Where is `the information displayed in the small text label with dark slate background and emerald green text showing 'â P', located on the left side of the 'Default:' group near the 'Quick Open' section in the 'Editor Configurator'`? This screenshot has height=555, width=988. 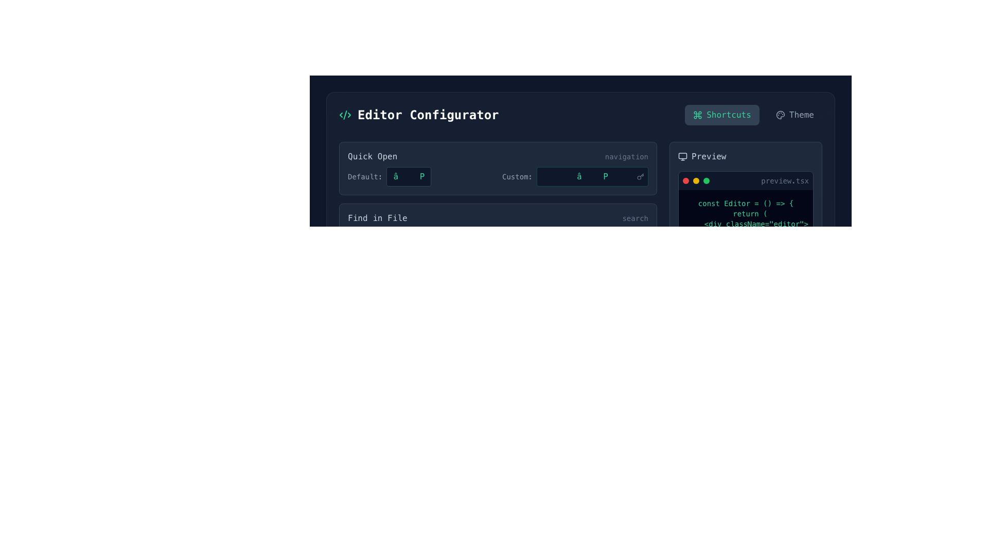 the information displayed in the small text label with dark slate background and emerald green text showing 'â P', located on the left side of the 'Default:' group near the 'Quick Open' section in the 'Editor Configurator' is located at coordinates (408, 176).